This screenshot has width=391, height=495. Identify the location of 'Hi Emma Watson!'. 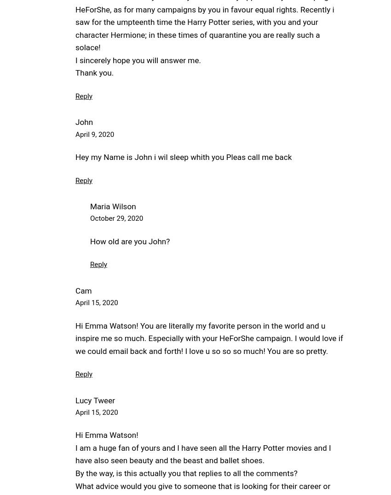
(106, 435).